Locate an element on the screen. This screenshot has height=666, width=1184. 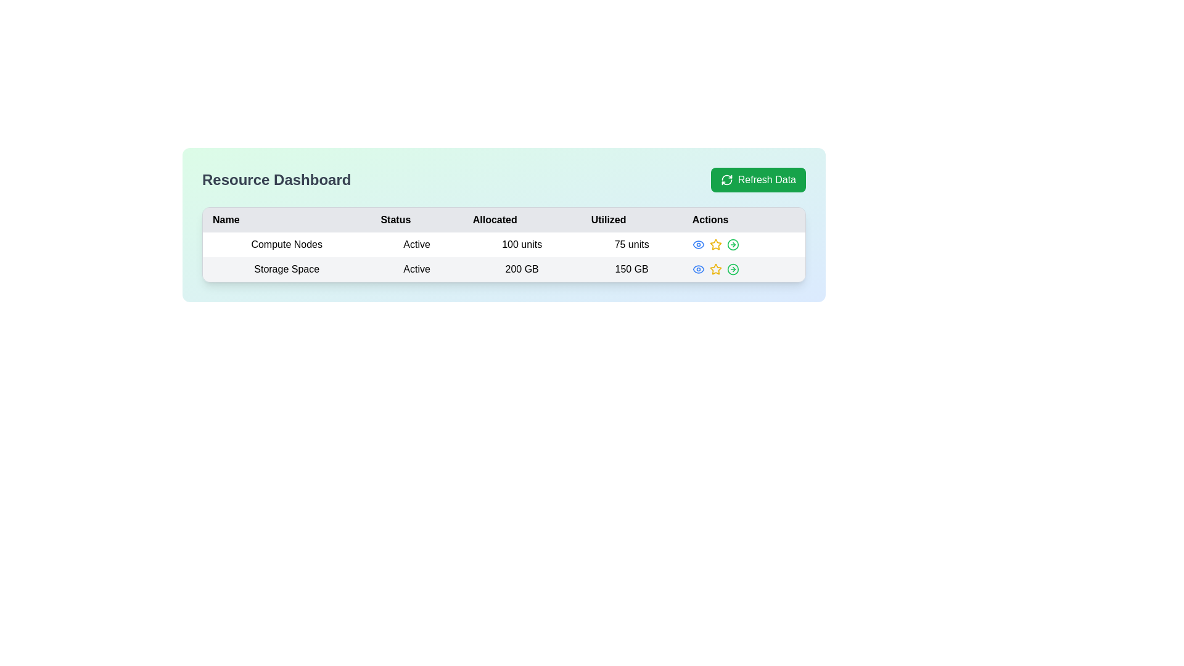
the rectangular green button with white text 'Refresh Data' and a refresh icon to refresh the data is located at coordinates (757, 180).